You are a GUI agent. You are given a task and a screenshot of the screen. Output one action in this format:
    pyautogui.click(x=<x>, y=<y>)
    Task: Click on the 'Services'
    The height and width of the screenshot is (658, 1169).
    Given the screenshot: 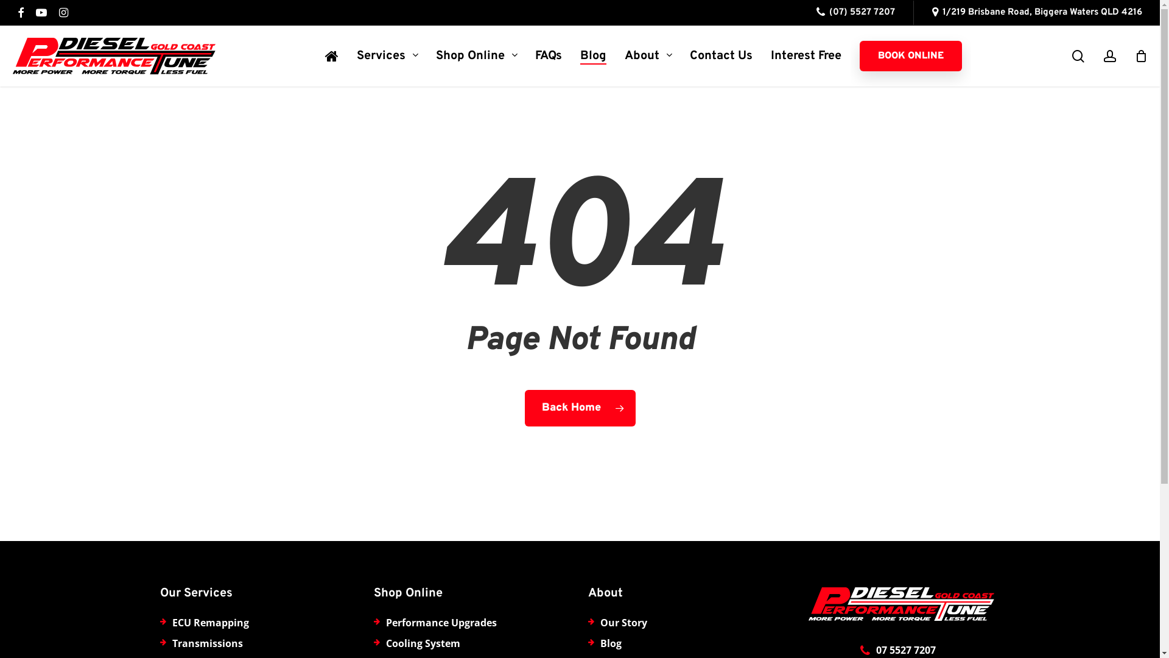 What is the action you would take?
    pyautogui.click(x=387, y=56)
    